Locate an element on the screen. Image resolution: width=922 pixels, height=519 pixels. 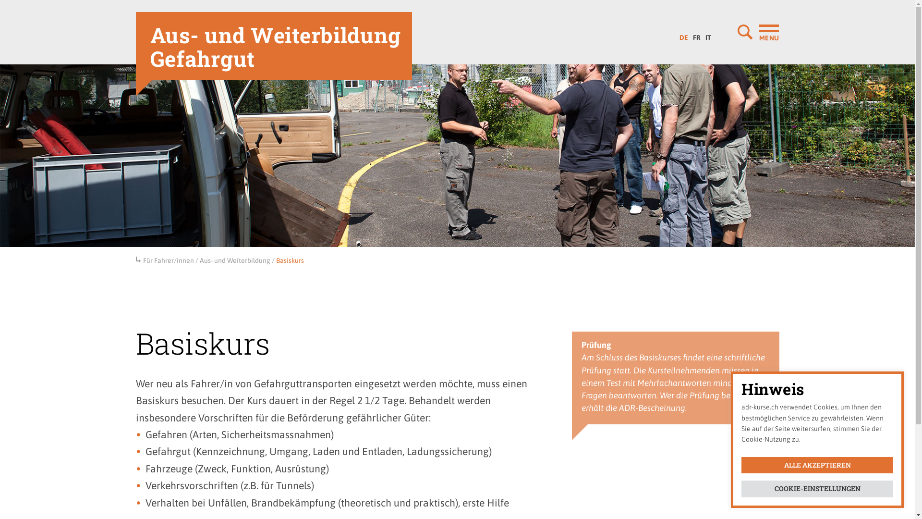
'FR' is located at coordinates (696, 35).